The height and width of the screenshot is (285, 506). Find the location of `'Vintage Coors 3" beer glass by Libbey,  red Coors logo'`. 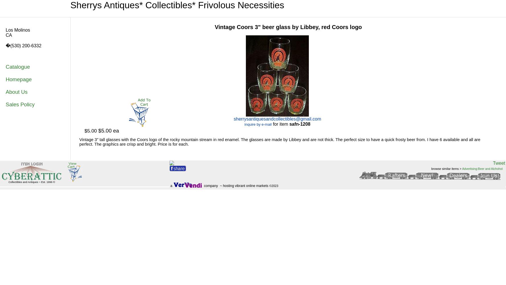

'Vintage Coors 3" beer glass by Libbey,  red Coors logo' is located at coordinates (288, 27).